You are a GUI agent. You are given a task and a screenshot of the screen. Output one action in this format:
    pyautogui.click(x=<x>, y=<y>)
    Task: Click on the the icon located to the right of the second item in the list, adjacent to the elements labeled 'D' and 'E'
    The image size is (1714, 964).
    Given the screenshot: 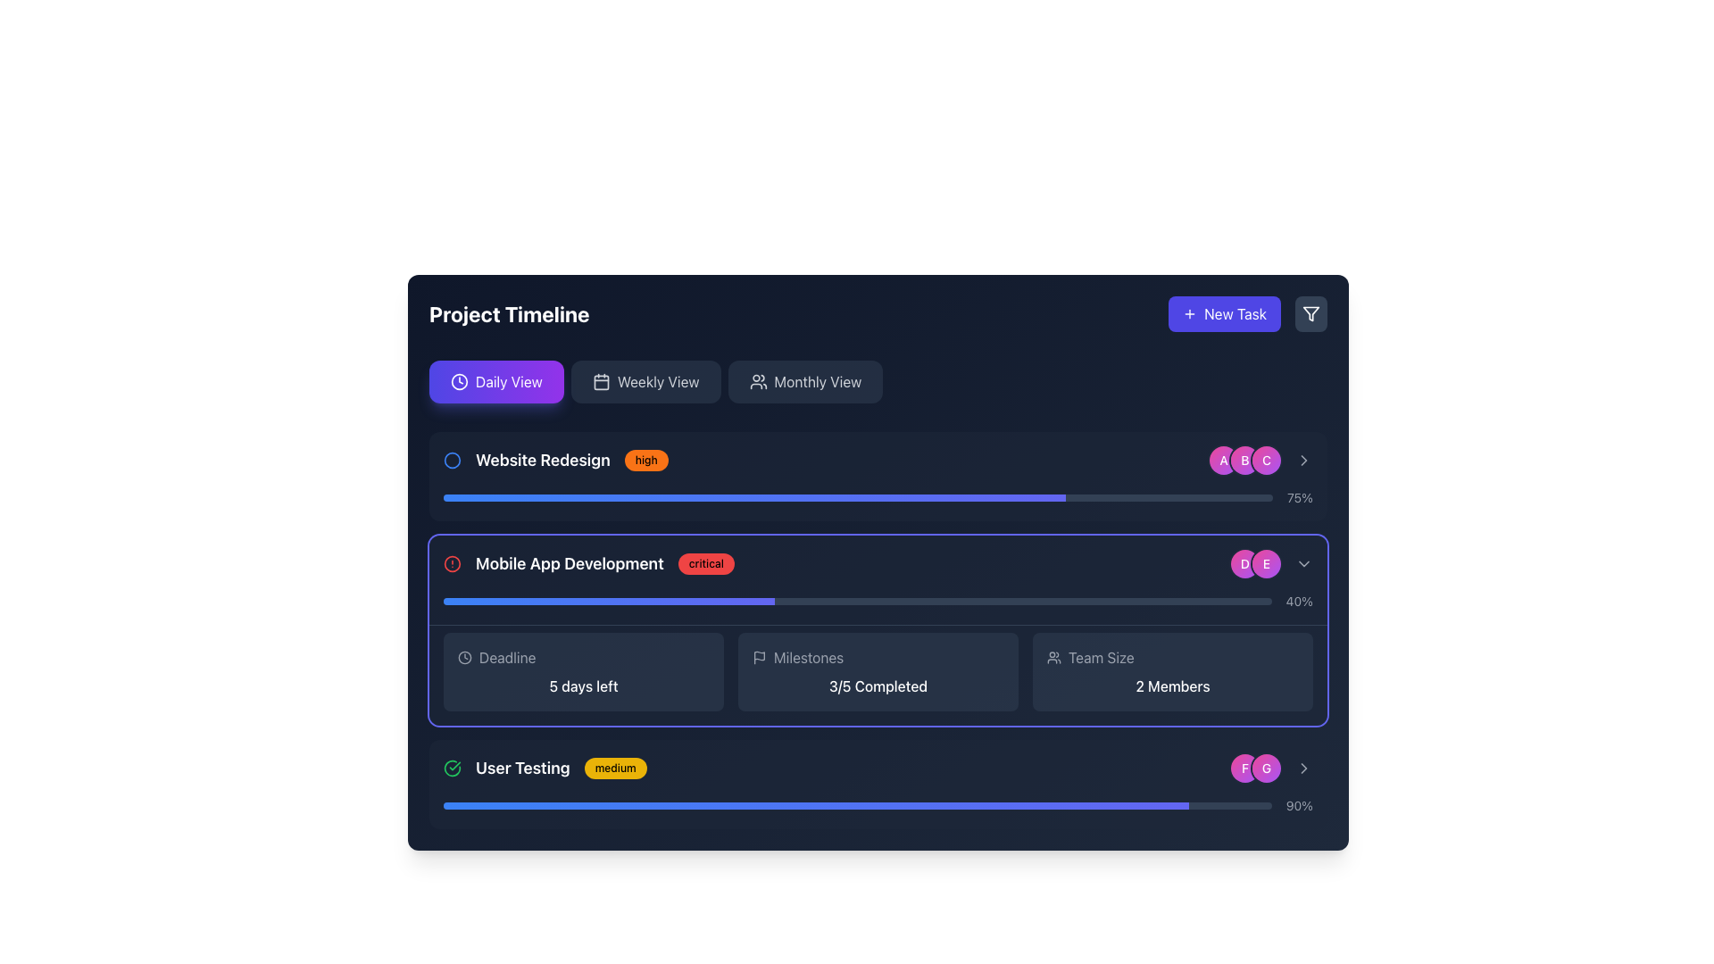 What is the action you would take?
    pyautogui.click(x=1303, y=460)
    